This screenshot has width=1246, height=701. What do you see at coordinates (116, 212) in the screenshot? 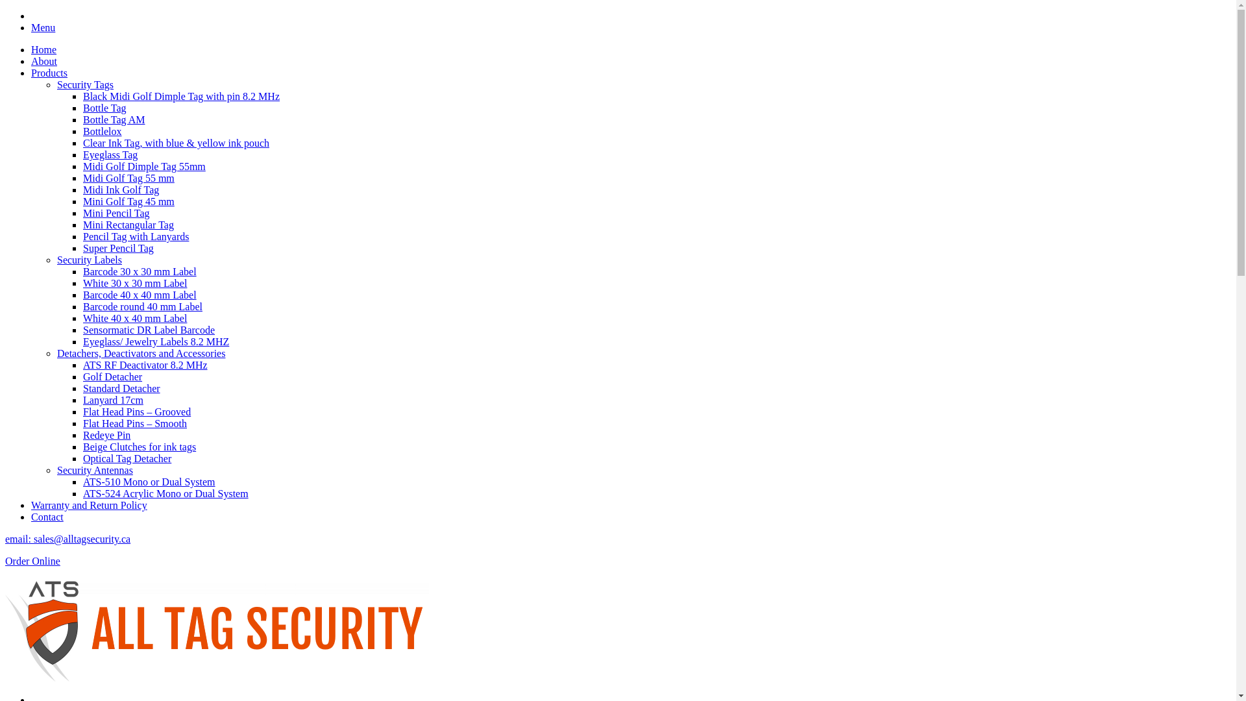
I see `'Mini Pencil Tag'` at bounding box center [116, 212].